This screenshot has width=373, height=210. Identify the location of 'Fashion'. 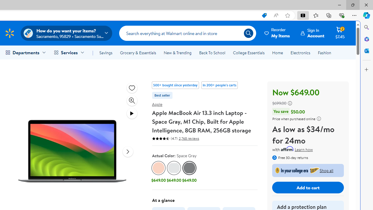
(324, 53).